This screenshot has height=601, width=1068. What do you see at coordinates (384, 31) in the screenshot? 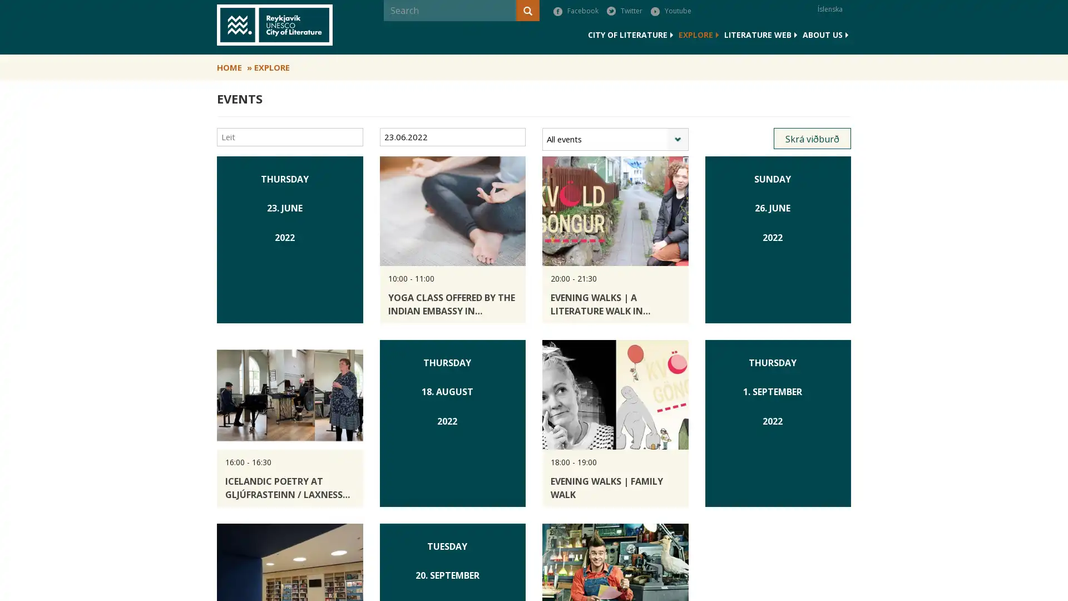
I see `Search` at bounding box center [384, 31].